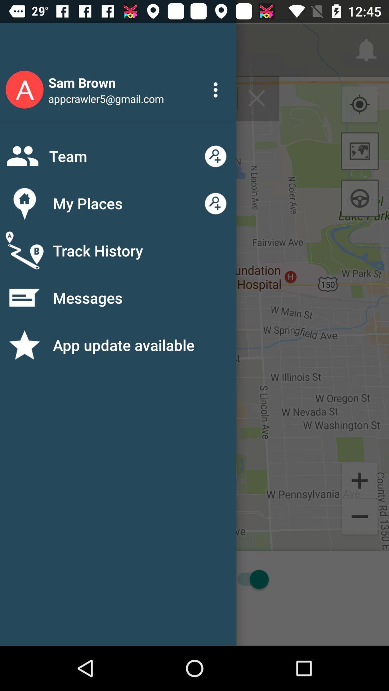  Describe the element at coordinates (359, 517) in the screenshot. I see `the minus icon` at that location.